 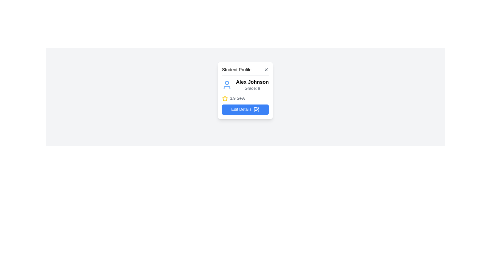 What do you see at coordinates (224, 98) in the screenshot?
I see `the star icon located before the '3.9 GPA' text in the student's profile section` at bounding box center [224, 98].